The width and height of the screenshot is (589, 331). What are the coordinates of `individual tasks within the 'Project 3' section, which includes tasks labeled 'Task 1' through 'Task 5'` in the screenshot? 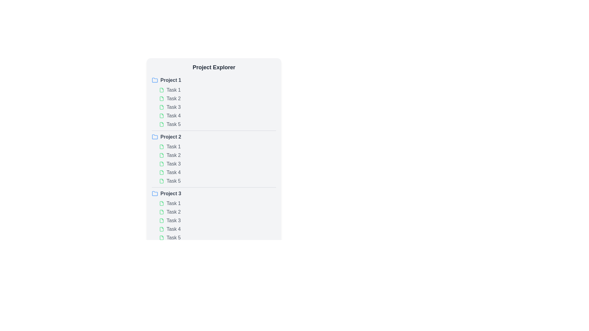 It's located at (214, 217).